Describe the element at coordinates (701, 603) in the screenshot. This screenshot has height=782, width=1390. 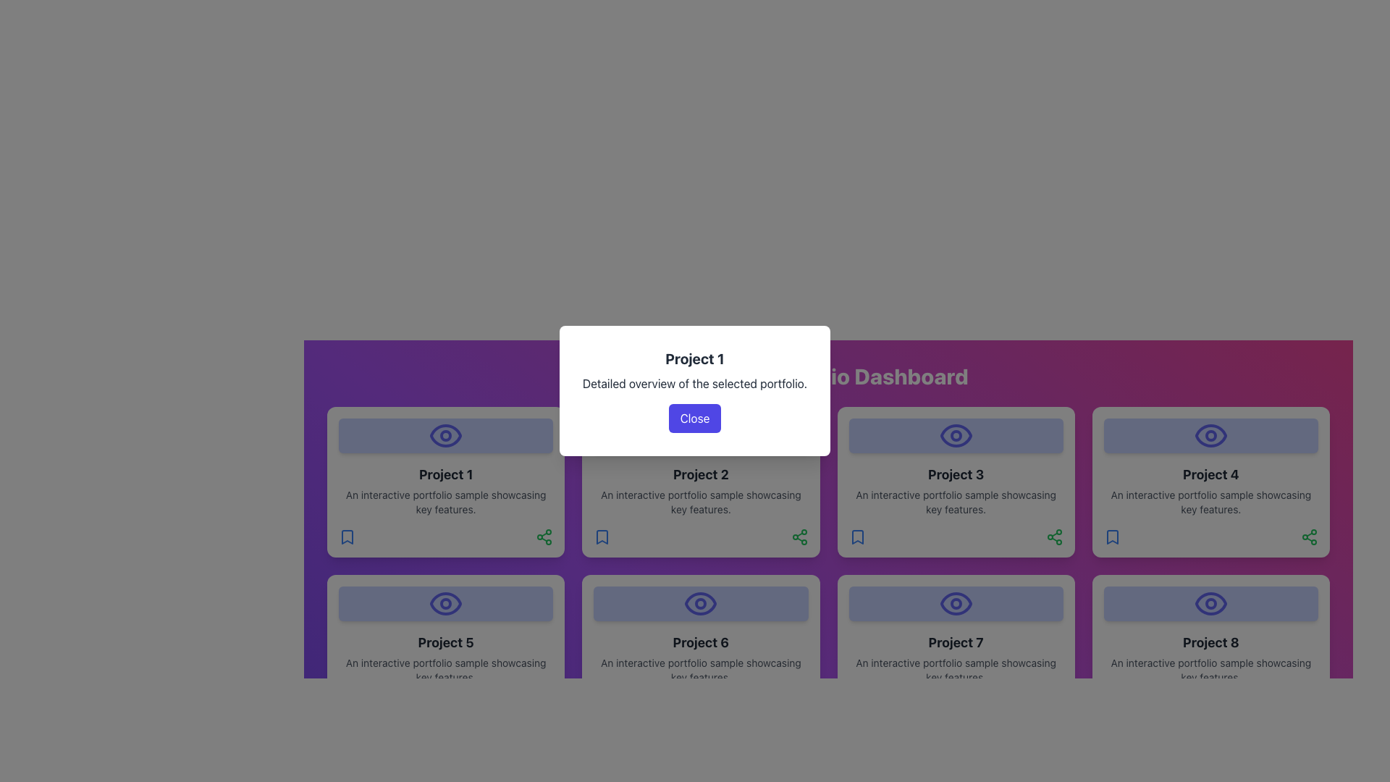
I see `the small circle located within the eye icon` at that location.